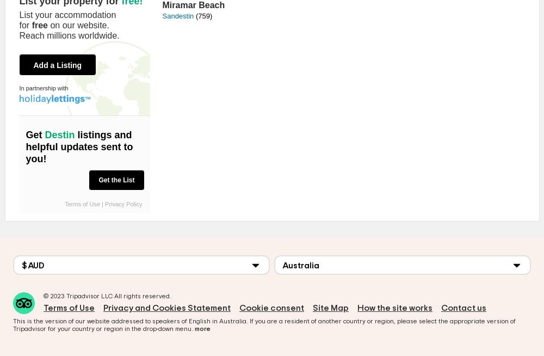 The image size is (544, 356). What do you see at coordinates (79, 146) in the screenshot?
I see `'listings and helpful updates sent to you!'` at bounding box center [79, 146].